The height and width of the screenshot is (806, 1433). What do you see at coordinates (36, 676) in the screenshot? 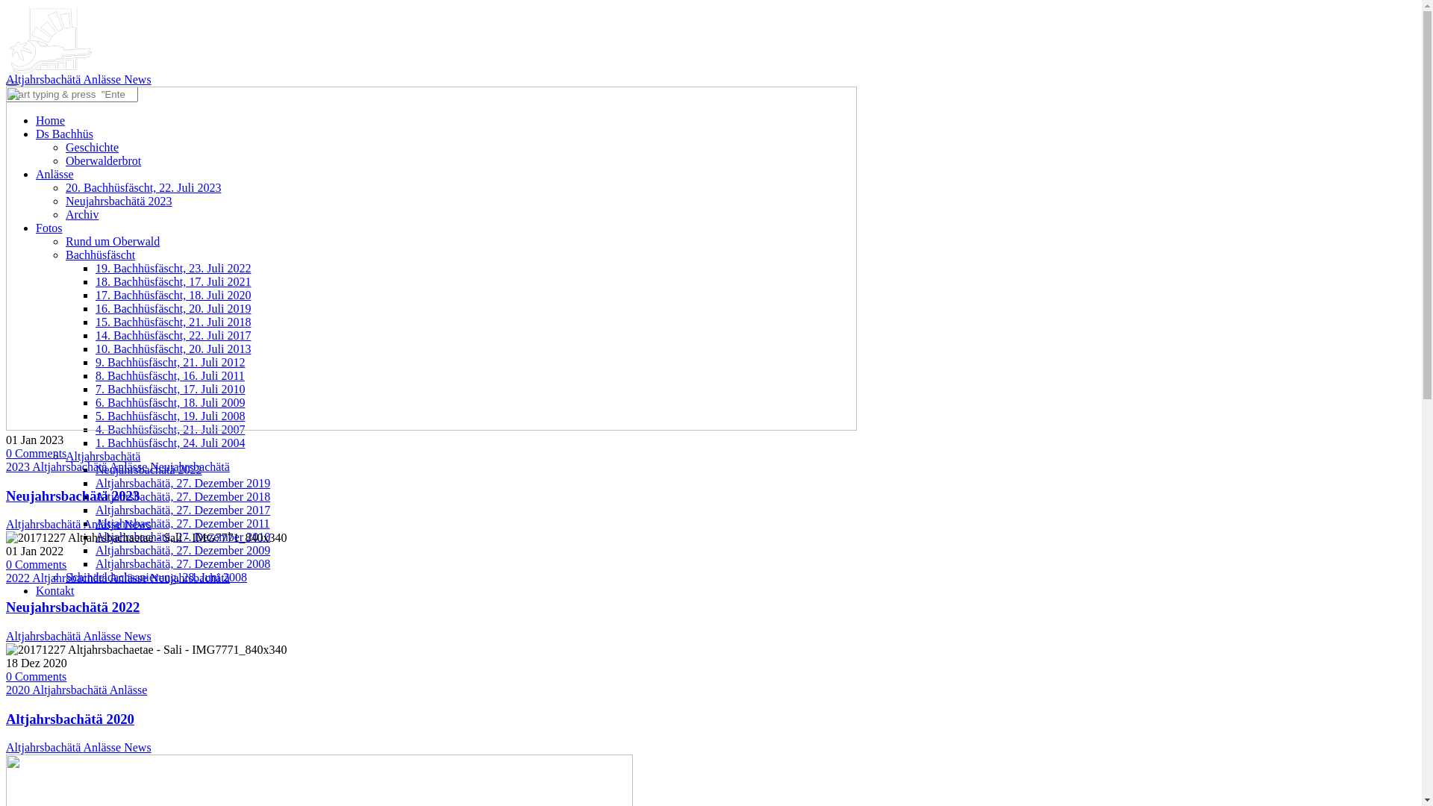
I see `'0 Comments'` at bounding box center [36, 676].